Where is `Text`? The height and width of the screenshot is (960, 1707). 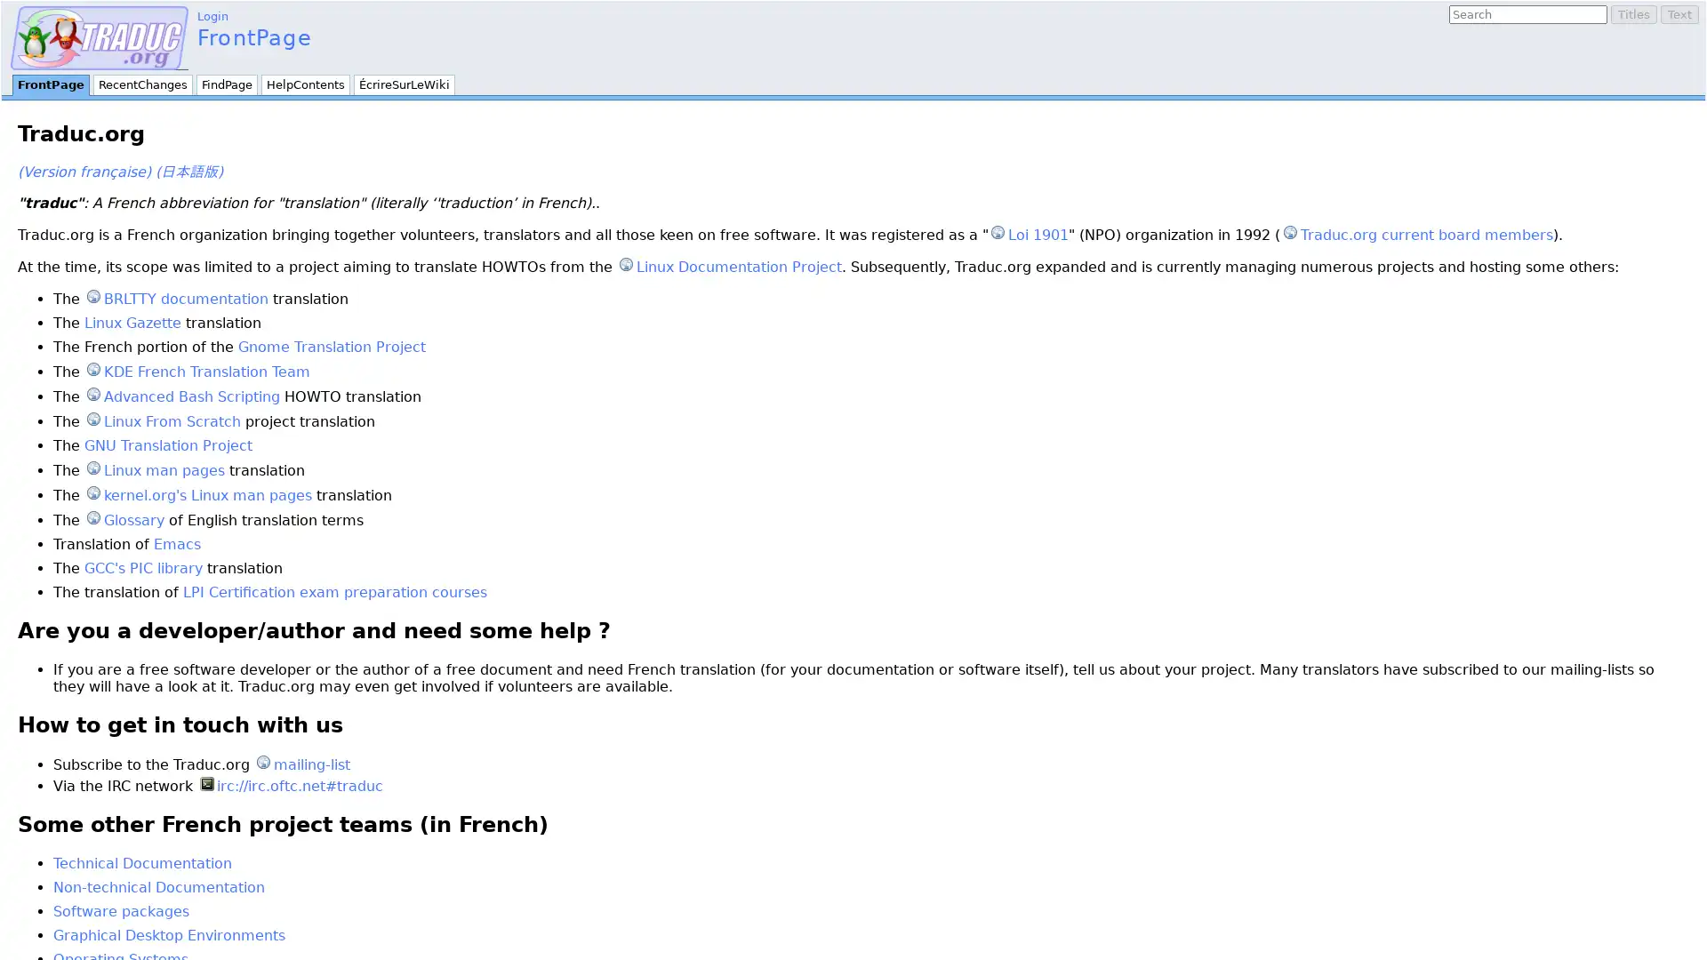 Text is located at coordinates (1679, 14).